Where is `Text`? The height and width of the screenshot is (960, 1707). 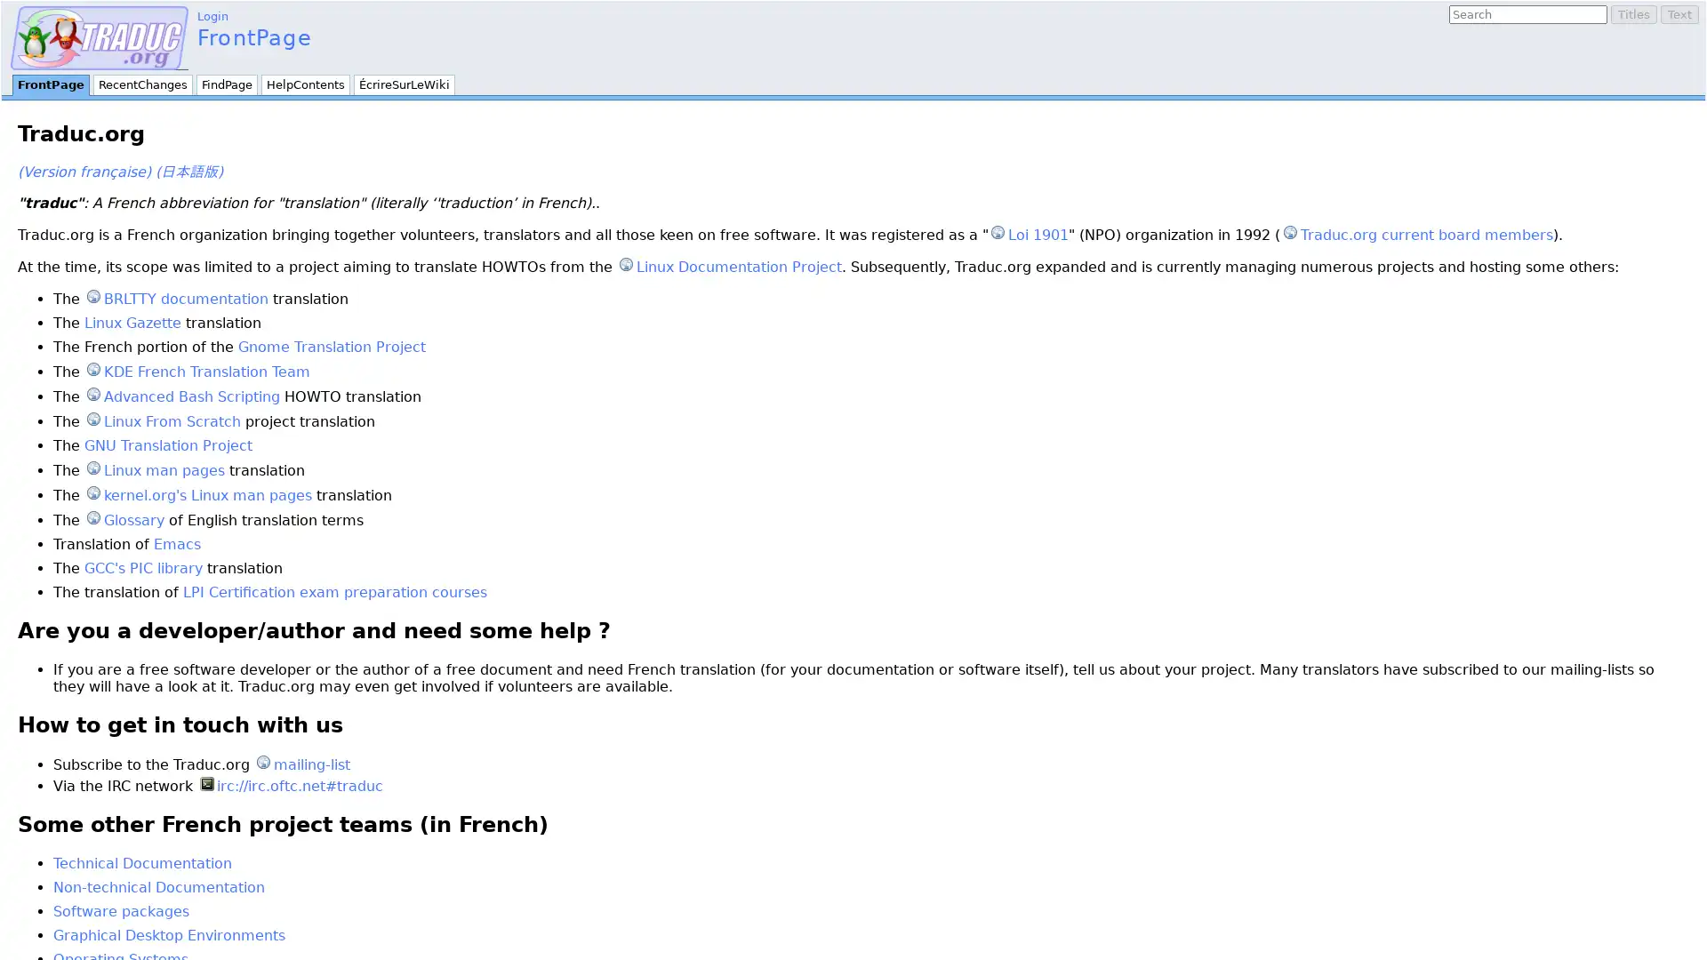 Text is located at coordinates (1679, 14).